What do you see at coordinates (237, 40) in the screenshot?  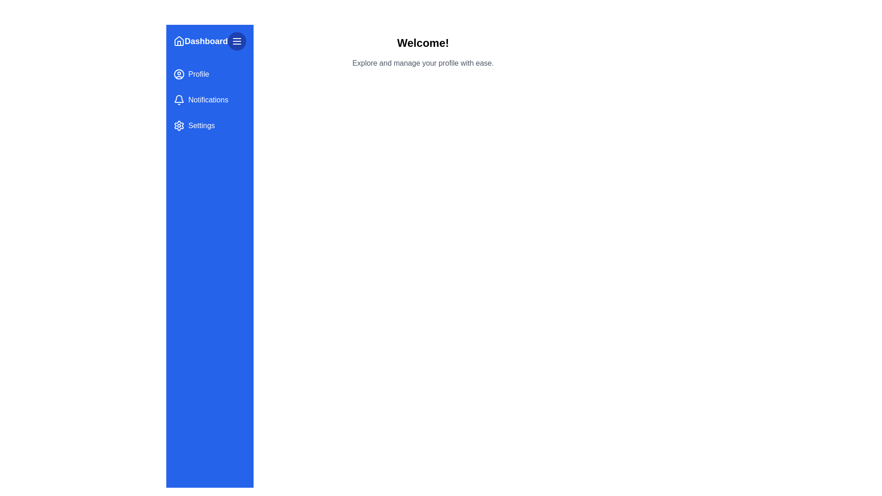 I see `the menu icon button, which is a circular blue button with three horizontal white lines, located at the top-right corner of the blue sidebar` at bounding box center [237, 40].